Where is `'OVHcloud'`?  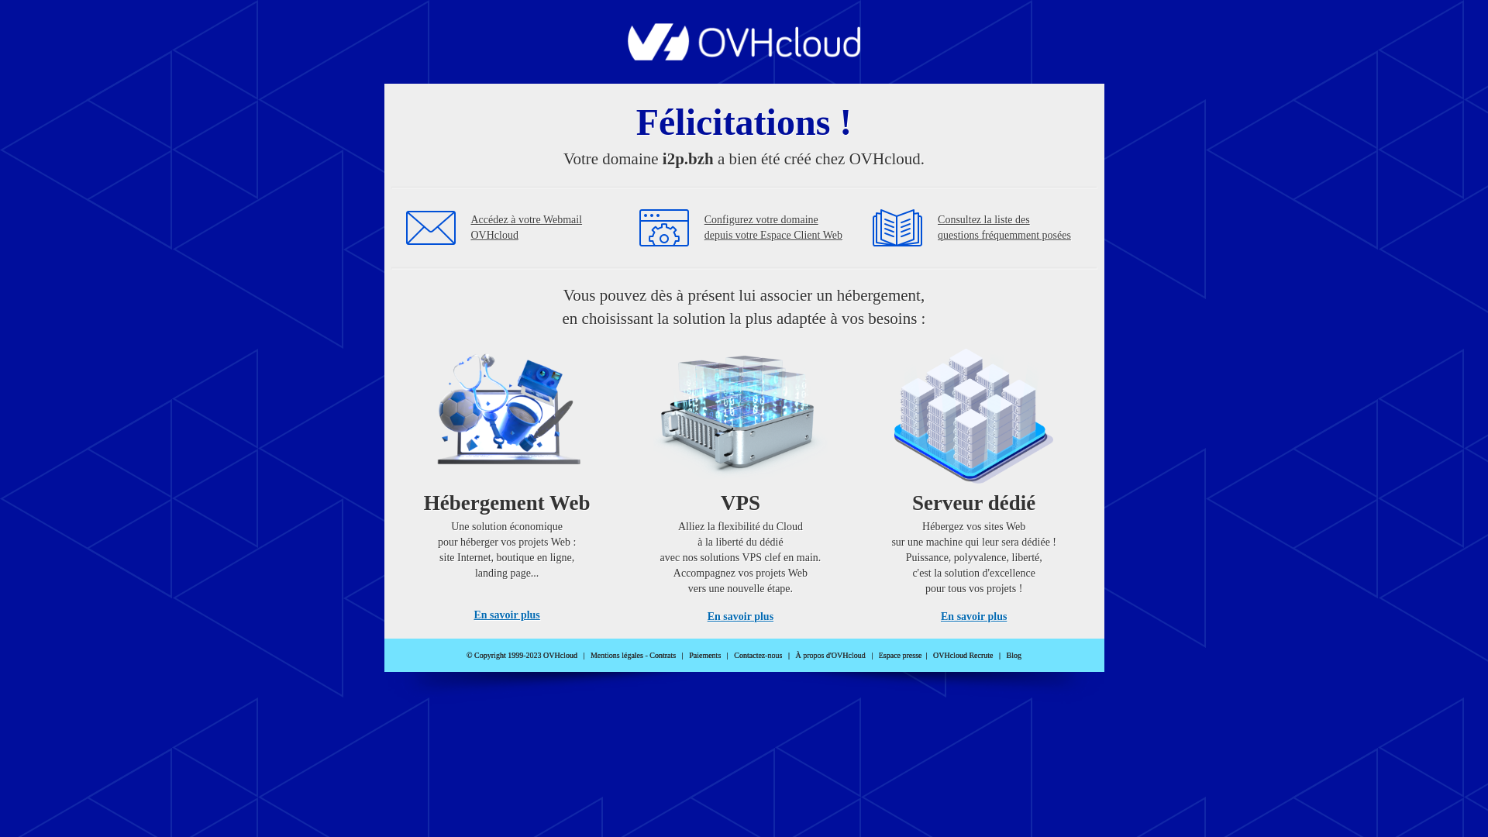 'OVHcloud' is located at coordinates (744, 55).